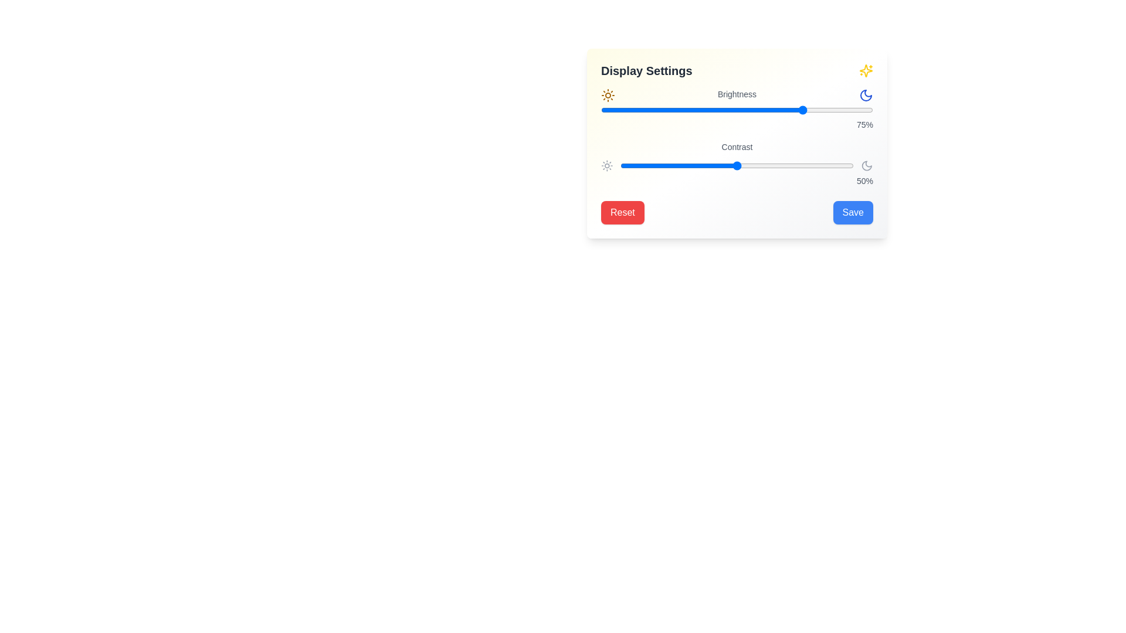 The image size is (1126, 633). What do you see at coordinates (608, 94) in the screenshot?
I see `the yellow sun icon located in the 'Display Settings' section to identify its purpose` at bounding box center [608, 94].